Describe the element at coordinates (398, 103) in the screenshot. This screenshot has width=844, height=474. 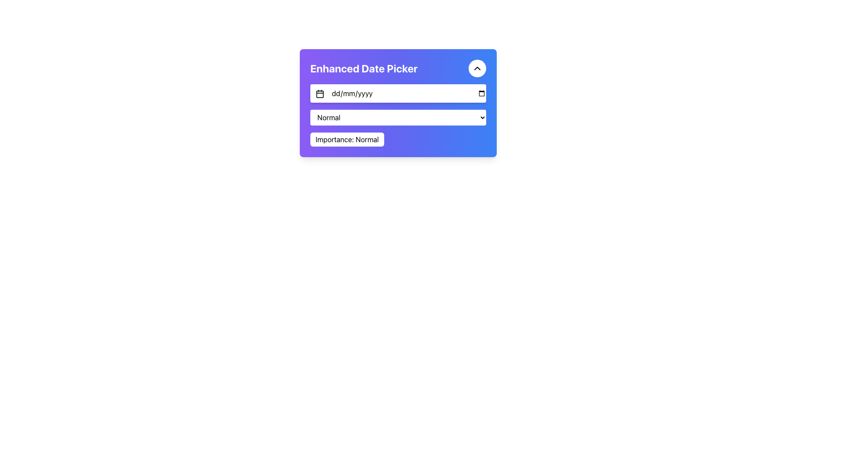
I see `and drag the 'Enhanced Date Picker' composite UI component to reposition it, if it is draggable` at that location.